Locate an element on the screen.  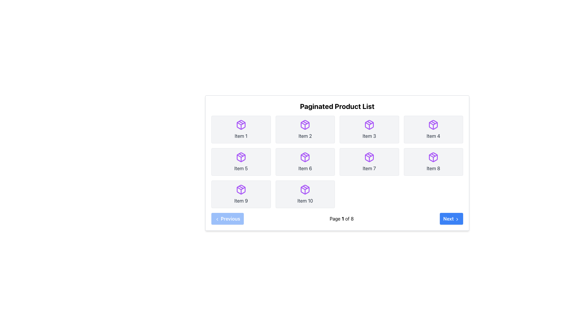
the first button in a paginated list representing 'Item 1' is located at coordinates (241, 129).